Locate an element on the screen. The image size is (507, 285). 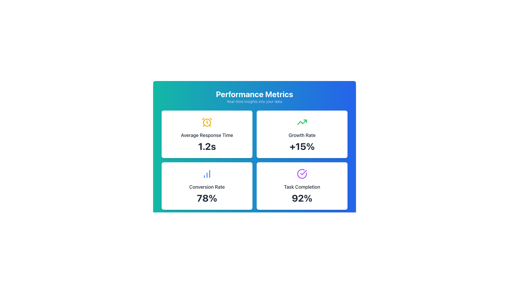
the growth icon located in the upper-right quadrant of the layout, positioned above the 'Growth Rate' and '+15%' texts is located at coordinates (302, 122).